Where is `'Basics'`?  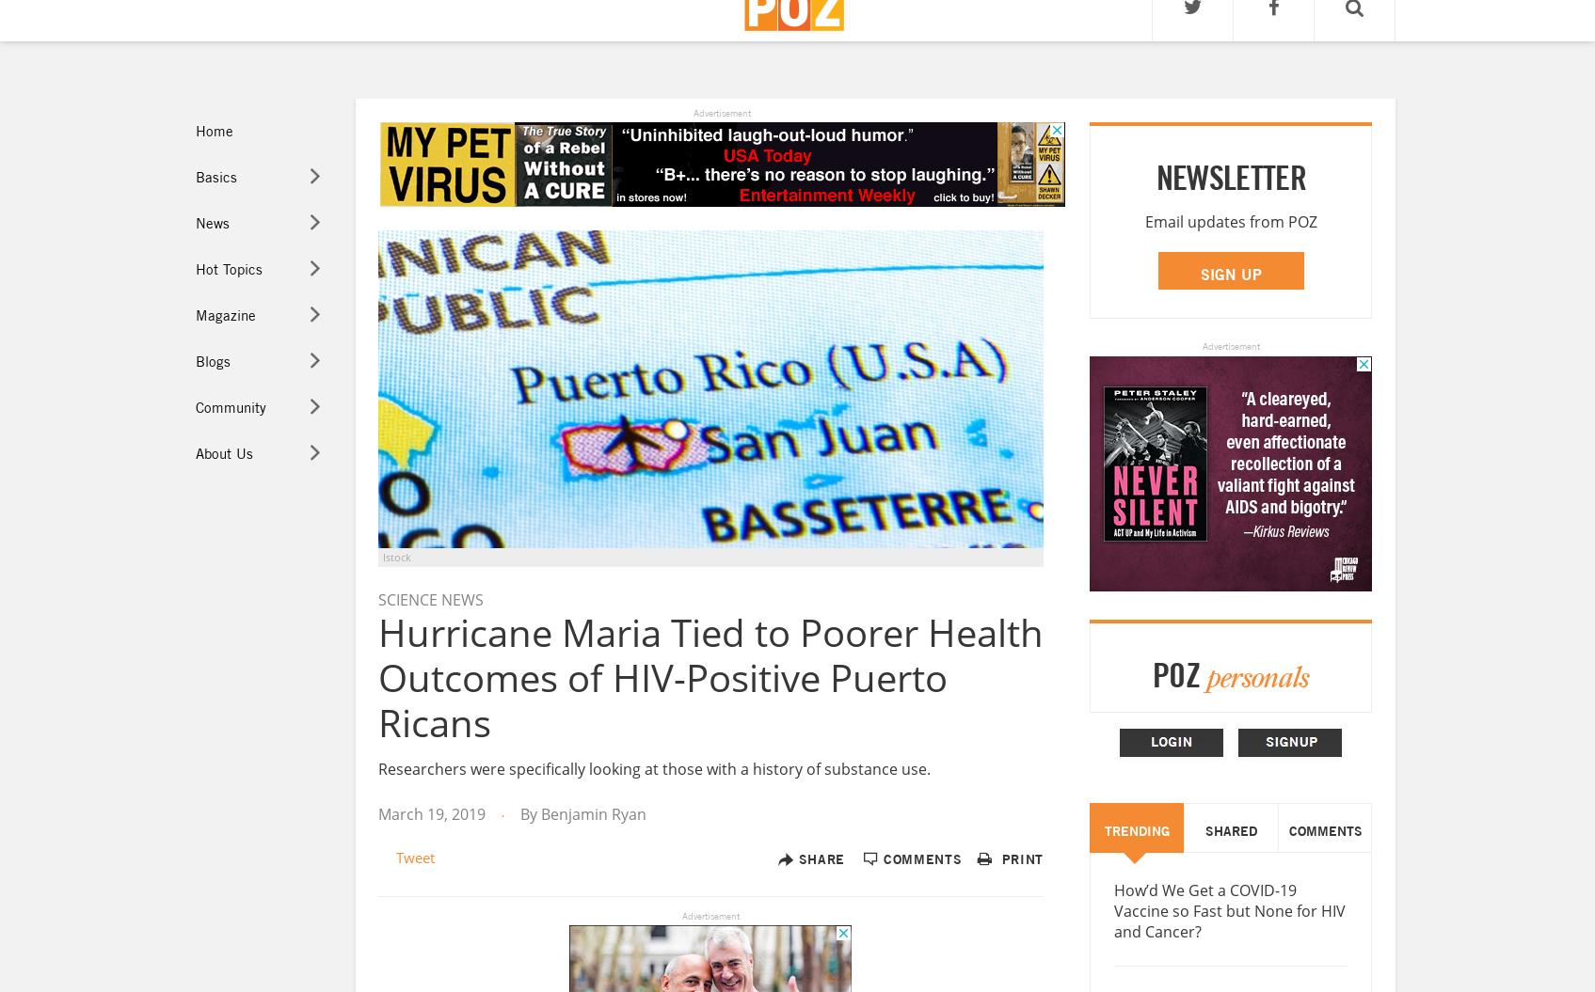
'Basics' is located at coordinates (214, 176).